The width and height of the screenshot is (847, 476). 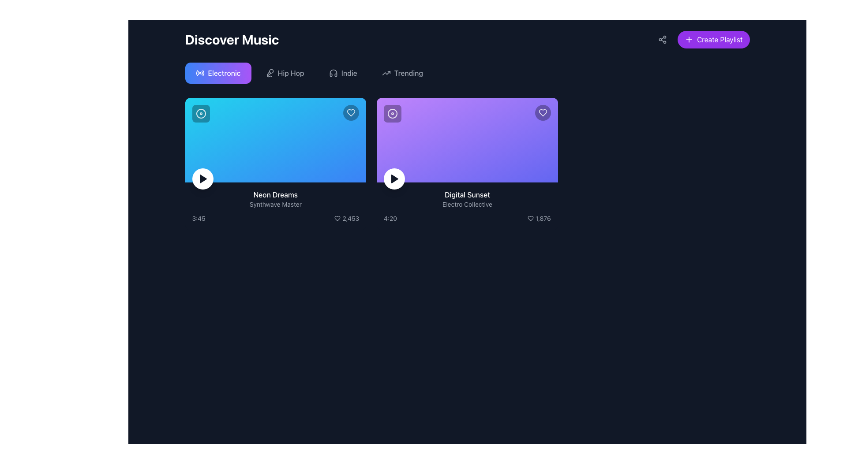 What do you see at coordinates (202, 178) in the screenshot?
I see `the circular button with a white background and a black play icon located in the bottom-left area of the music item card to play the track` at bounding box center [202, 178].